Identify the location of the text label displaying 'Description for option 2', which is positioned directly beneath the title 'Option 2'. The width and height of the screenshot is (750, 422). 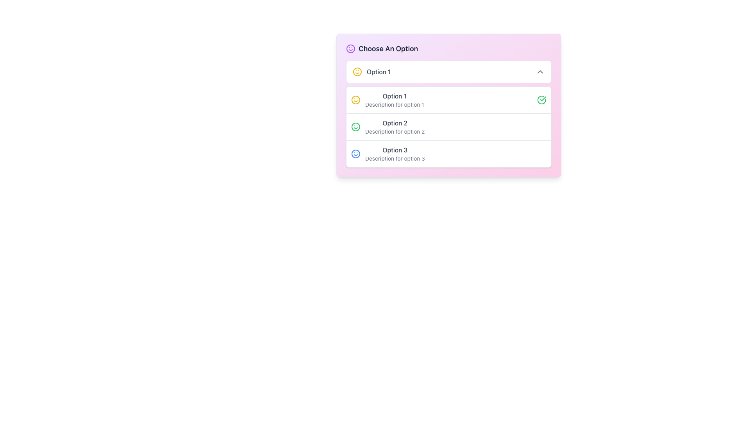
(395, 131).